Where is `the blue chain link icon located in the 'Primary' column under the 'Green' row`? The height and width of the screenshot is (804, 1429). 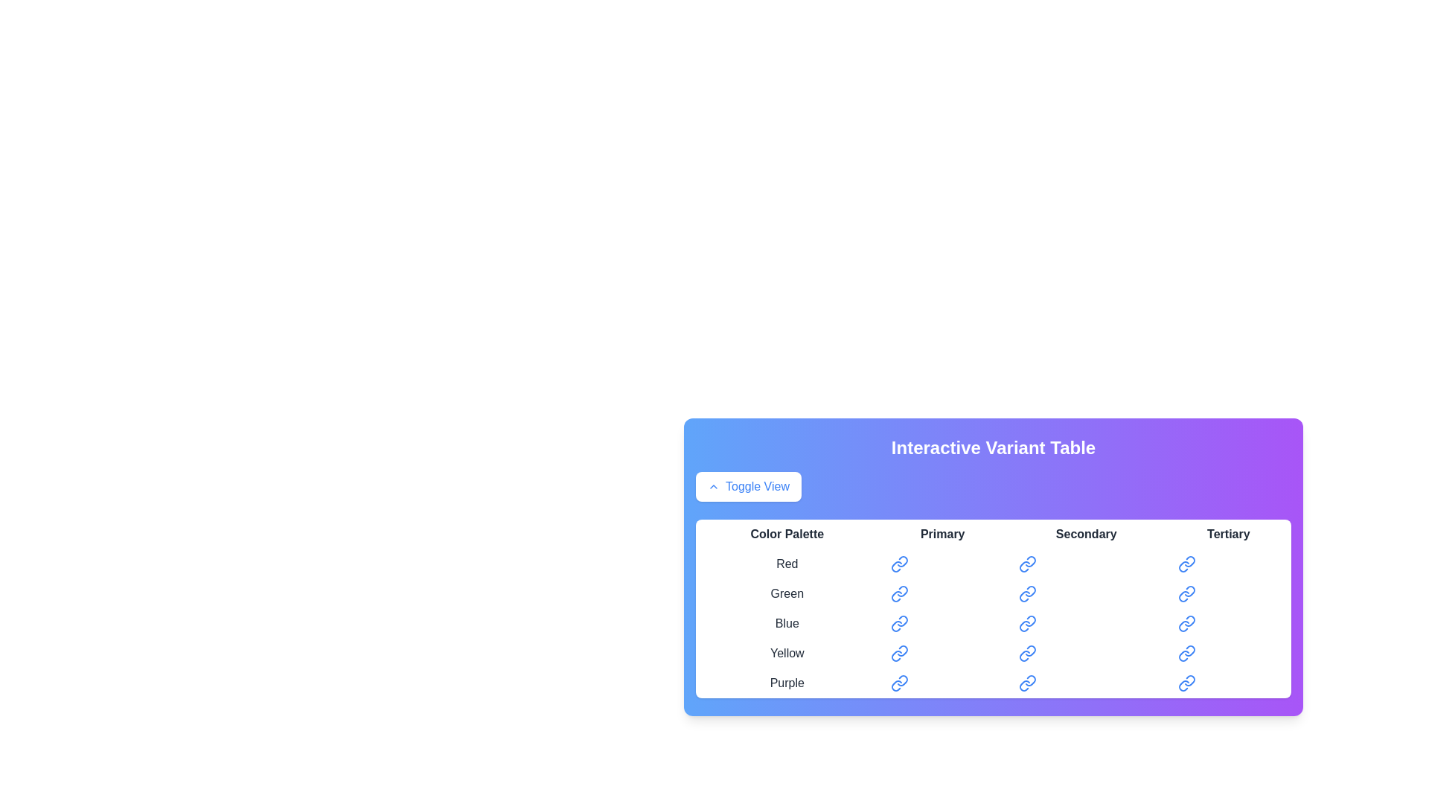 the blue chain link icon located in the 'Primary' column under the 'Green' row is located at coordinates (895, 596).